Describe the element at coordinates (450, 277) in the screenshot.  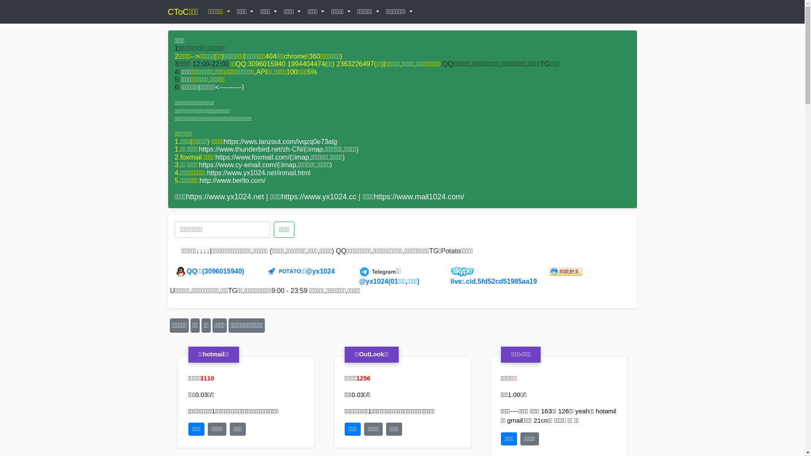
I see `'live:.cid.5fd52cd51985aa19'` at that location.